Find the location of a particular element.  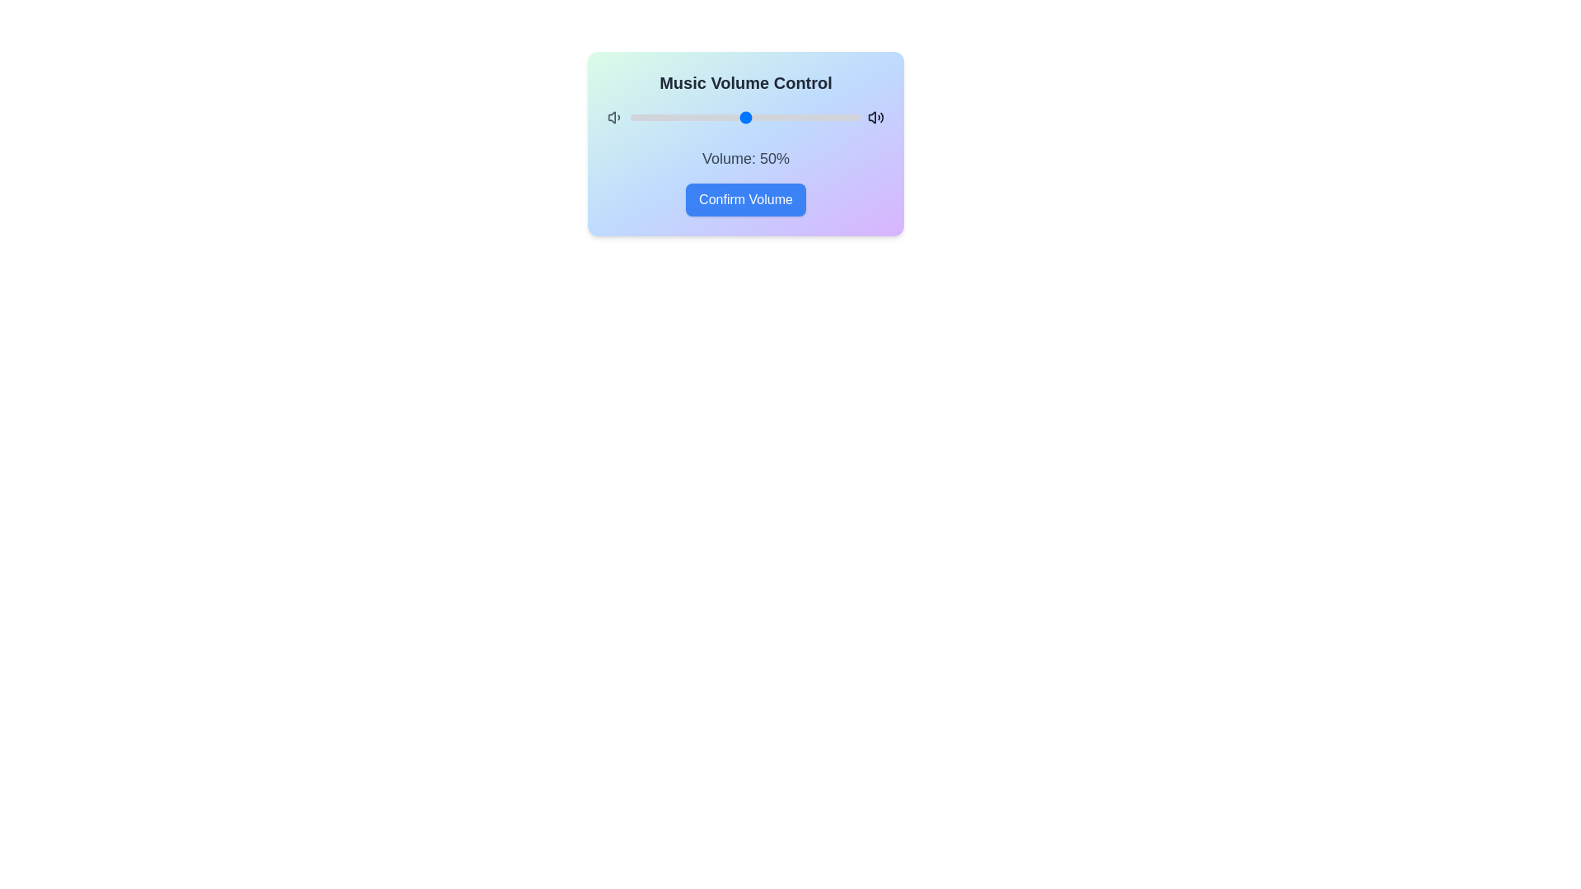

the volume slider to set the volume to 82% is located at coordinates (819, 116).